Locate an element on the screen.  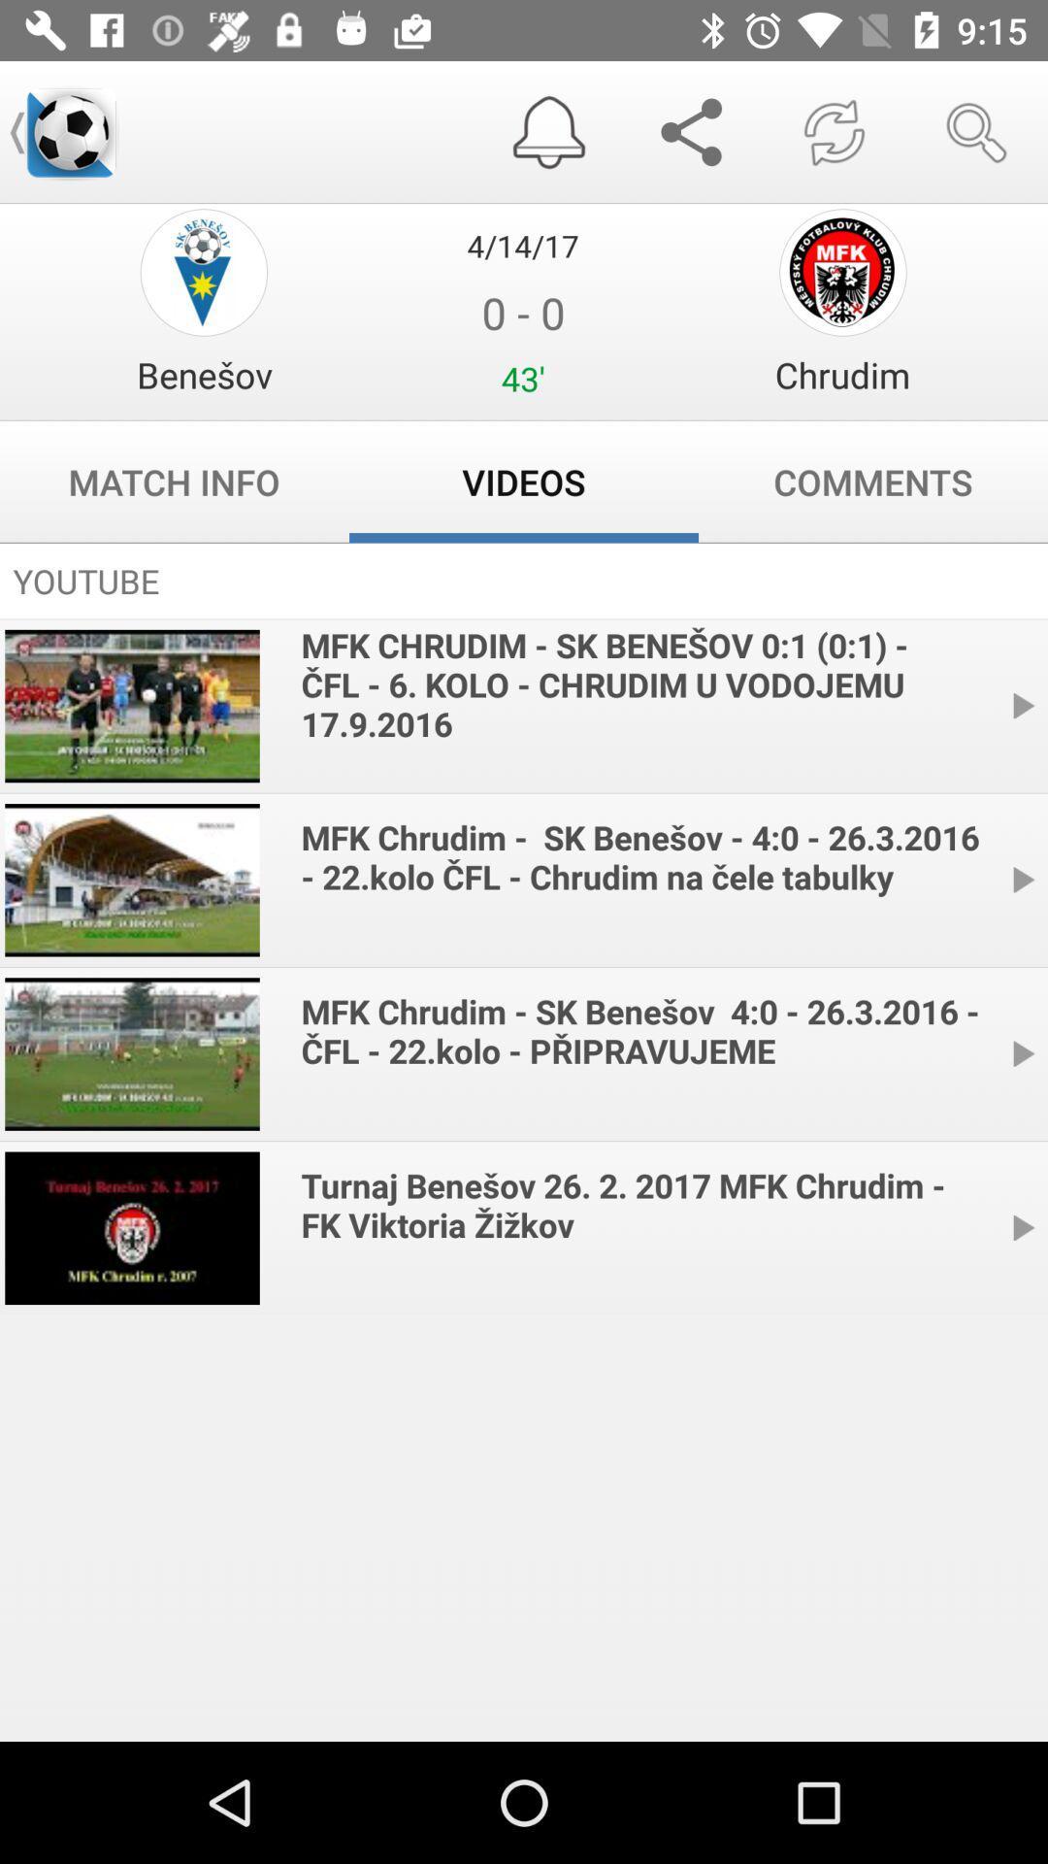
item below the 4/14/17 is located at coordinates (204, 375).